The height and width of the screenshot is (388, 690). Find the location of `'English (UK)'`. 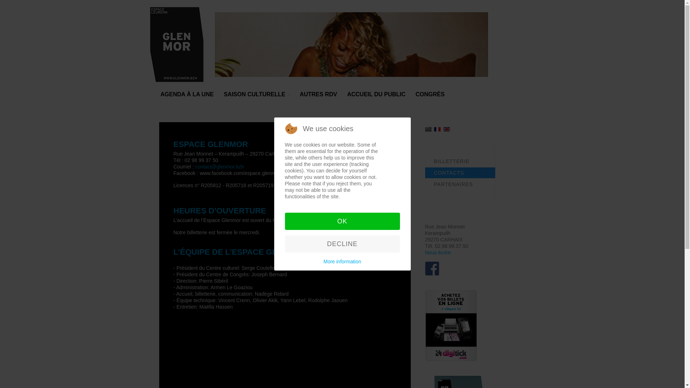

'English (UK)' is located at coordinates (446, 129).